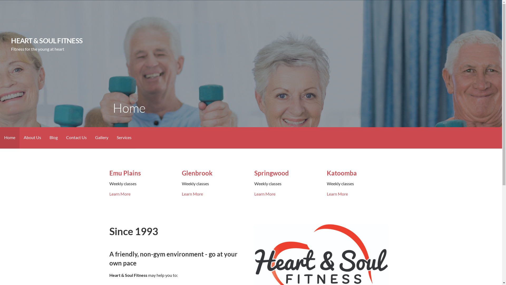 This screenshot has height=285, width=506. What do you see at coordinates (271, 173) in the screenshot?
I see `'Springwood'` at bounding box center [271, 173].